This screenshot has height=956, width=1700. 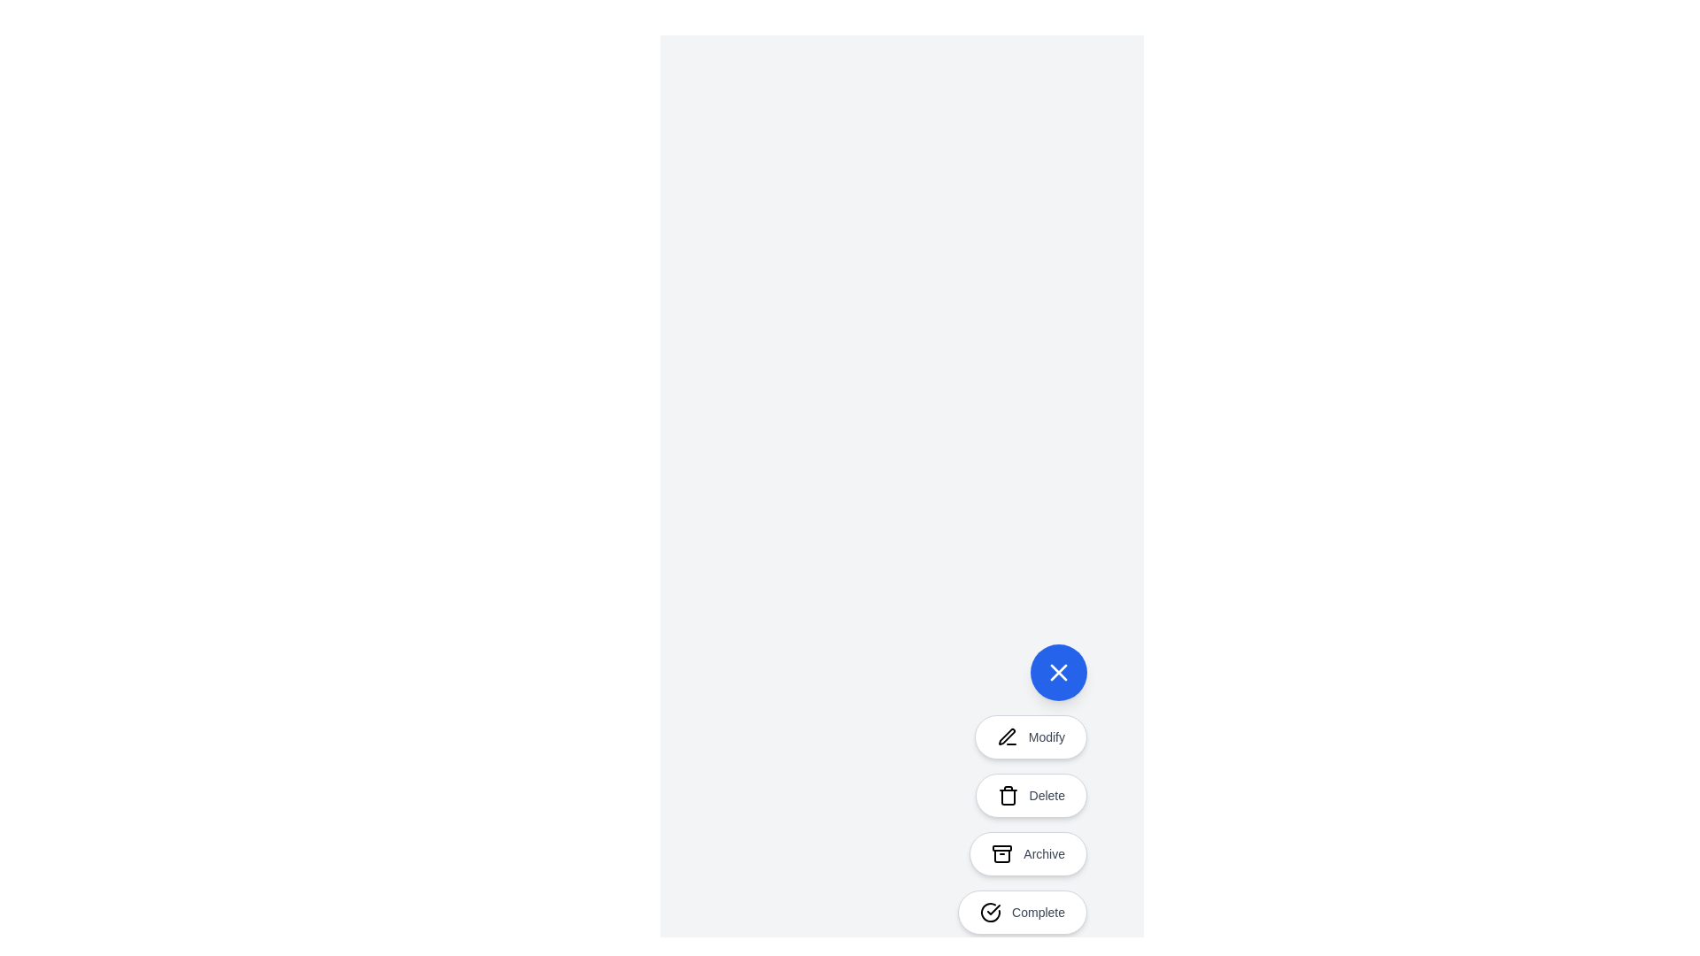 I want to click on the 'Complete' button, so click(x=1023, y=912).